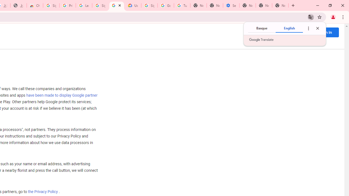 The height and width of the screenshot is (196, 349). Describe the element at coordinates (149, 5) in the screenshot. I see `'Sign in - Google Accounts'` at that location.